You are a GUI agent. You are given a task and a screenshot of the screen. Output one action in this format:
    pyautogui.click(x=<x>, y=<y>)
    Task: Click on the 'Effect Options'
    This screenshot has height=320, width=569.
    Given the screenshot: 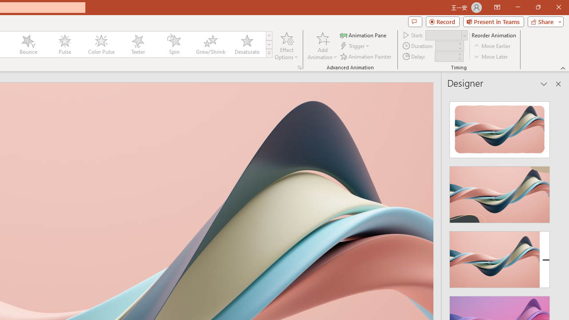 What is the action you would take?
    pyautogui.click(x=287, y=46)
    